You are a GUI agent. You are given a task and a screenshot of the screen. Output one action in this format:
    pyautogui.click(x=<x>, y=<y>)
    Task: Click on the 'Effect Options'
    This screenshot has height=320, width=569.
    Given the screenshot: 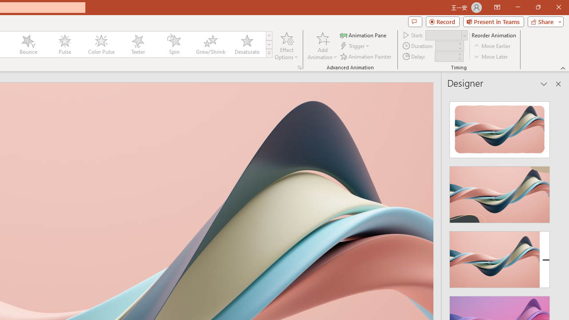 What is the action you would take?
    pyautogui.click(x=287, y=46)
    